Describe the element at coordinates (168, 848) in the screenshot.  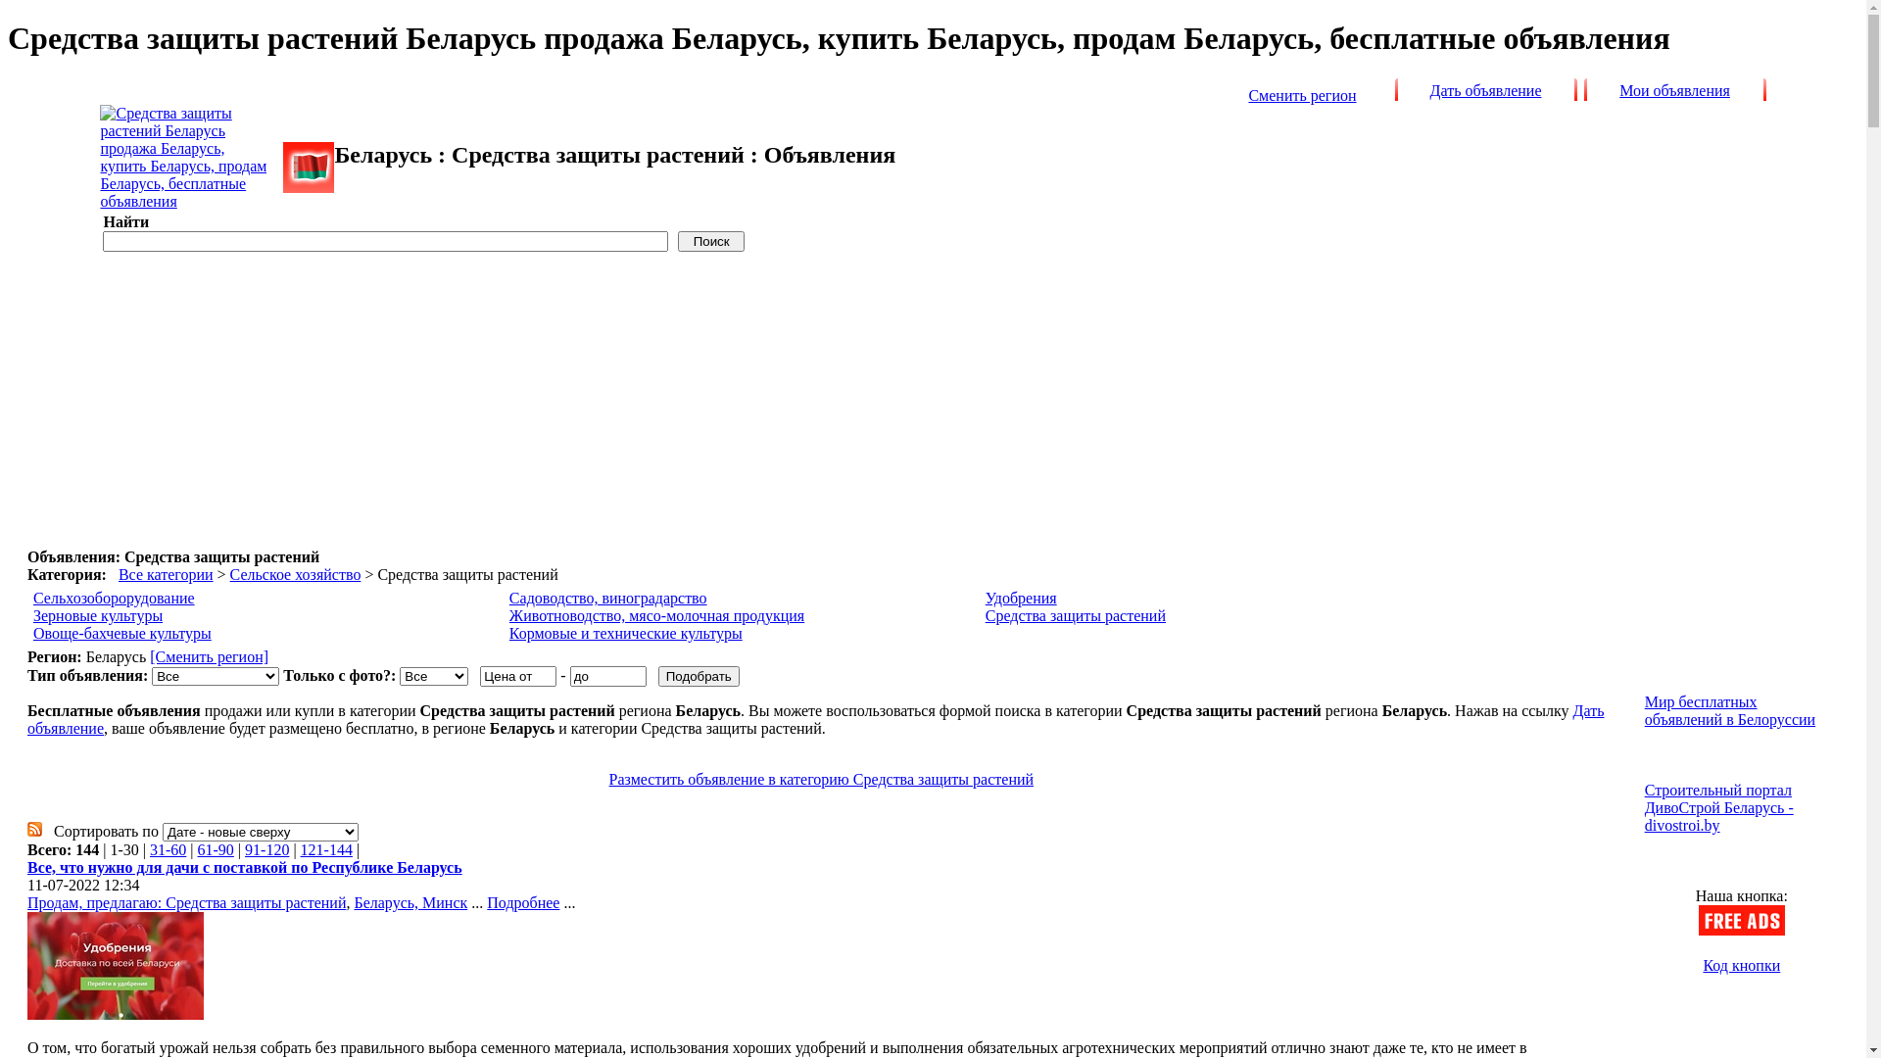
I see `'31-60'` at that location.